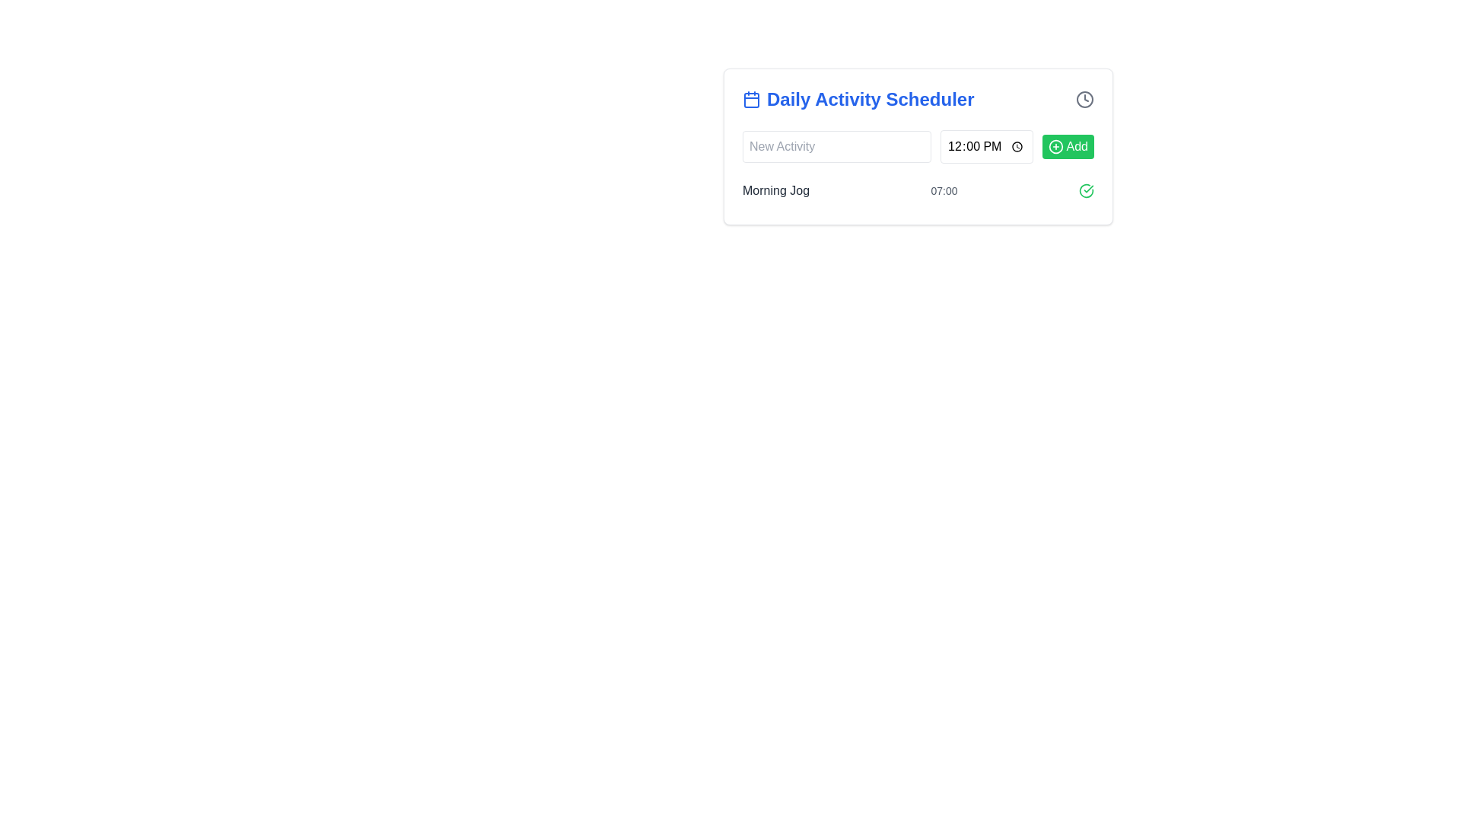 This screenshot has width=1461, height=822. I want to click on the circular SVG icon displaying a plus sign inside a green button labeled 'Add' located on the right-hand side of the interface next to the time input field, so click(1055, 146).